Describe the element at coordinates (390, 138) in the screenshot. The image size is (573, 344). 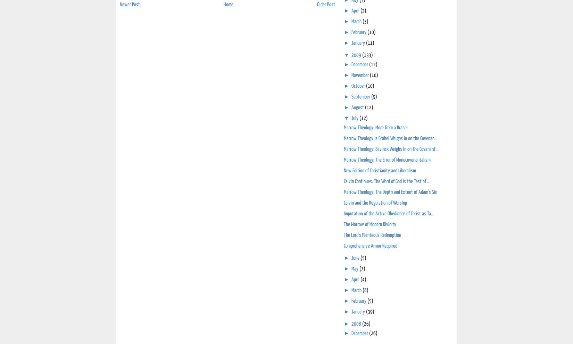
I see `'Marrow Theology: a Brakel Weighs In on the Covenan...'` at that location.